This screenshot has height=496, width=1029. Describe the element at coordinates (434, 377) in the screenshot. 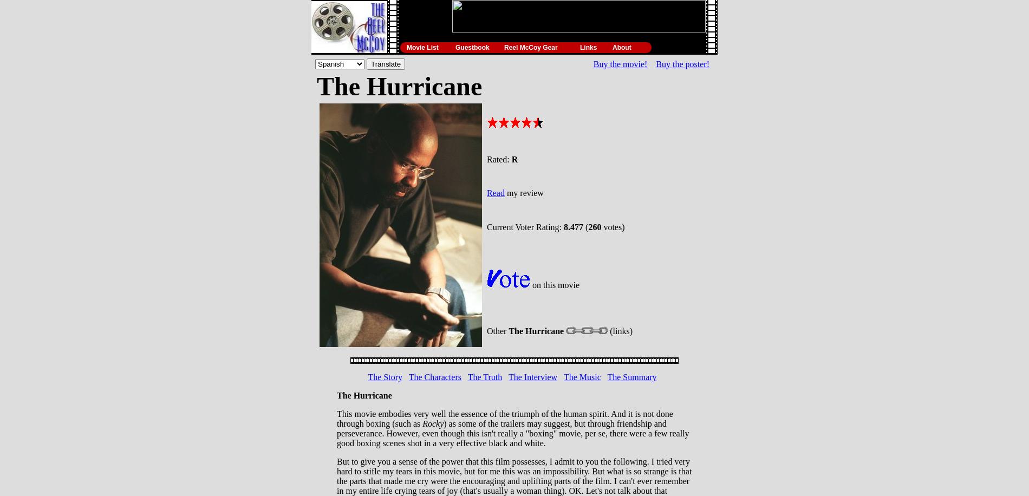

I see `'The Characters'` at that location.